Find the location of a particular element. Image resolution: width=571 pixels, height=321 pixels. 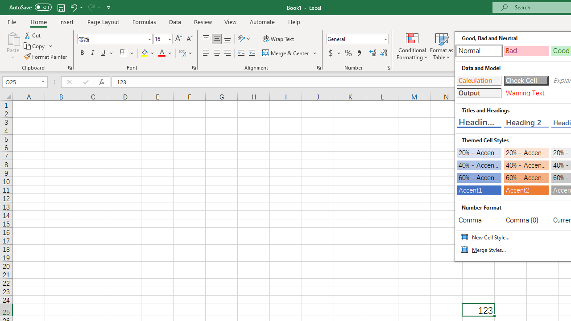

'Italic' is located at coordinates (93, 53).